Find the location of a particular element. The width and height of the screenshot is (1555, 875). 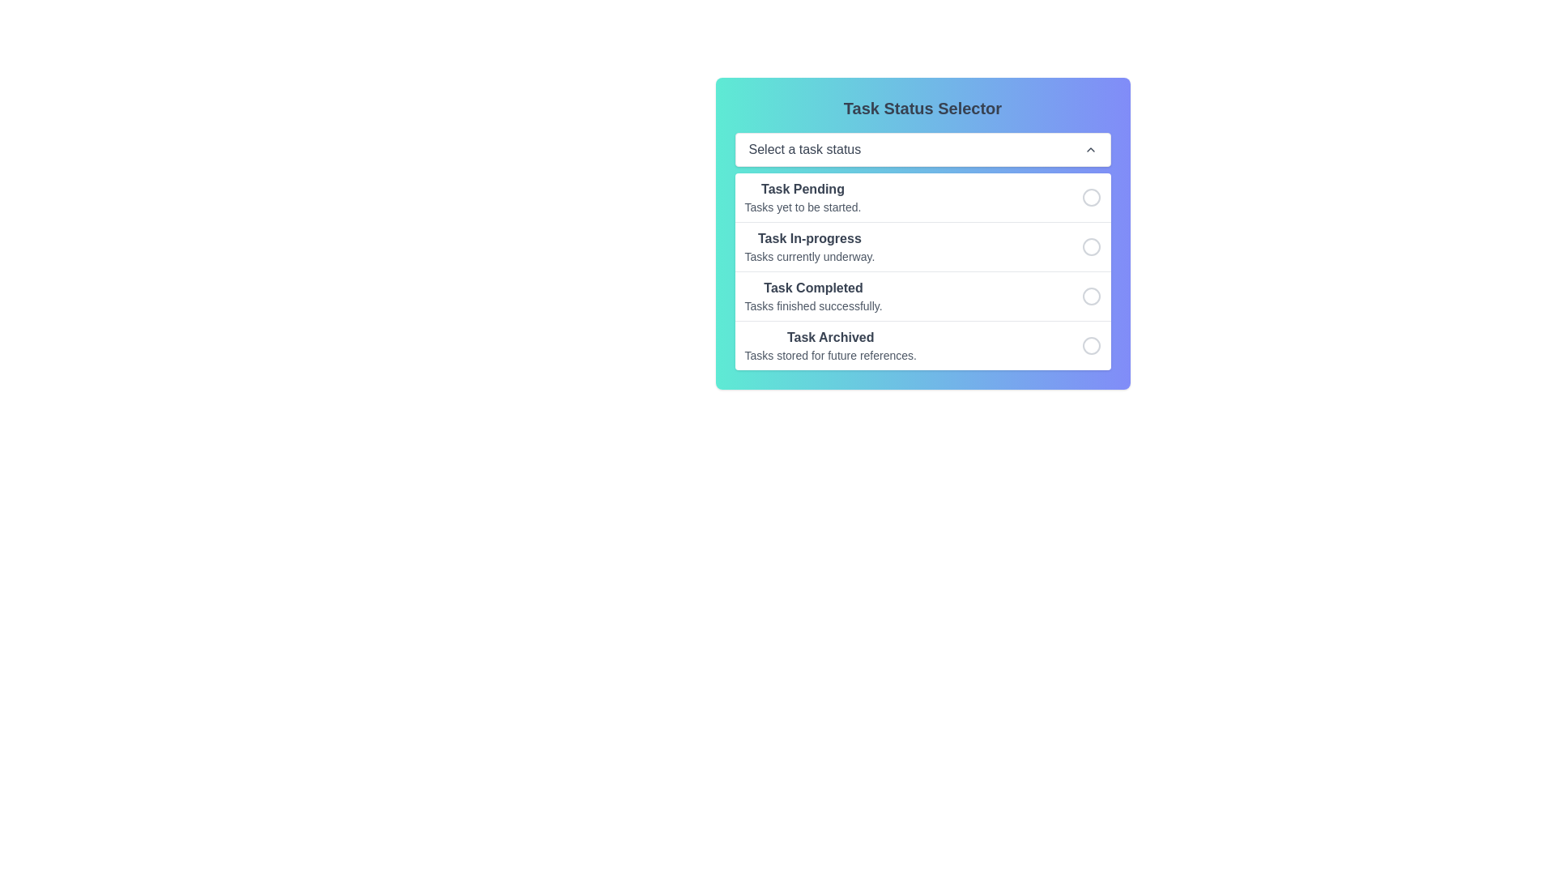

the selectable list item titled 'Task In-progress' is located at coordinates (922, 233).